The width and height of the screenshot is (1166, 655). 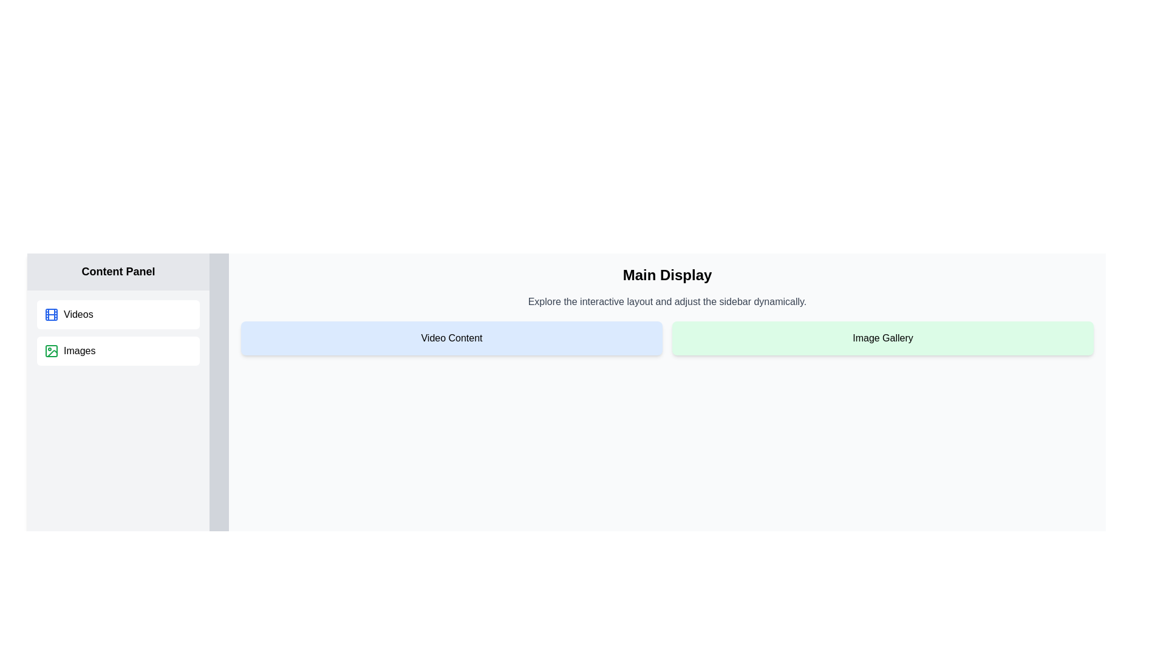 I want to click on the first navigation item in the 'Content Panel' sidebar, so click(x=118, y=314).